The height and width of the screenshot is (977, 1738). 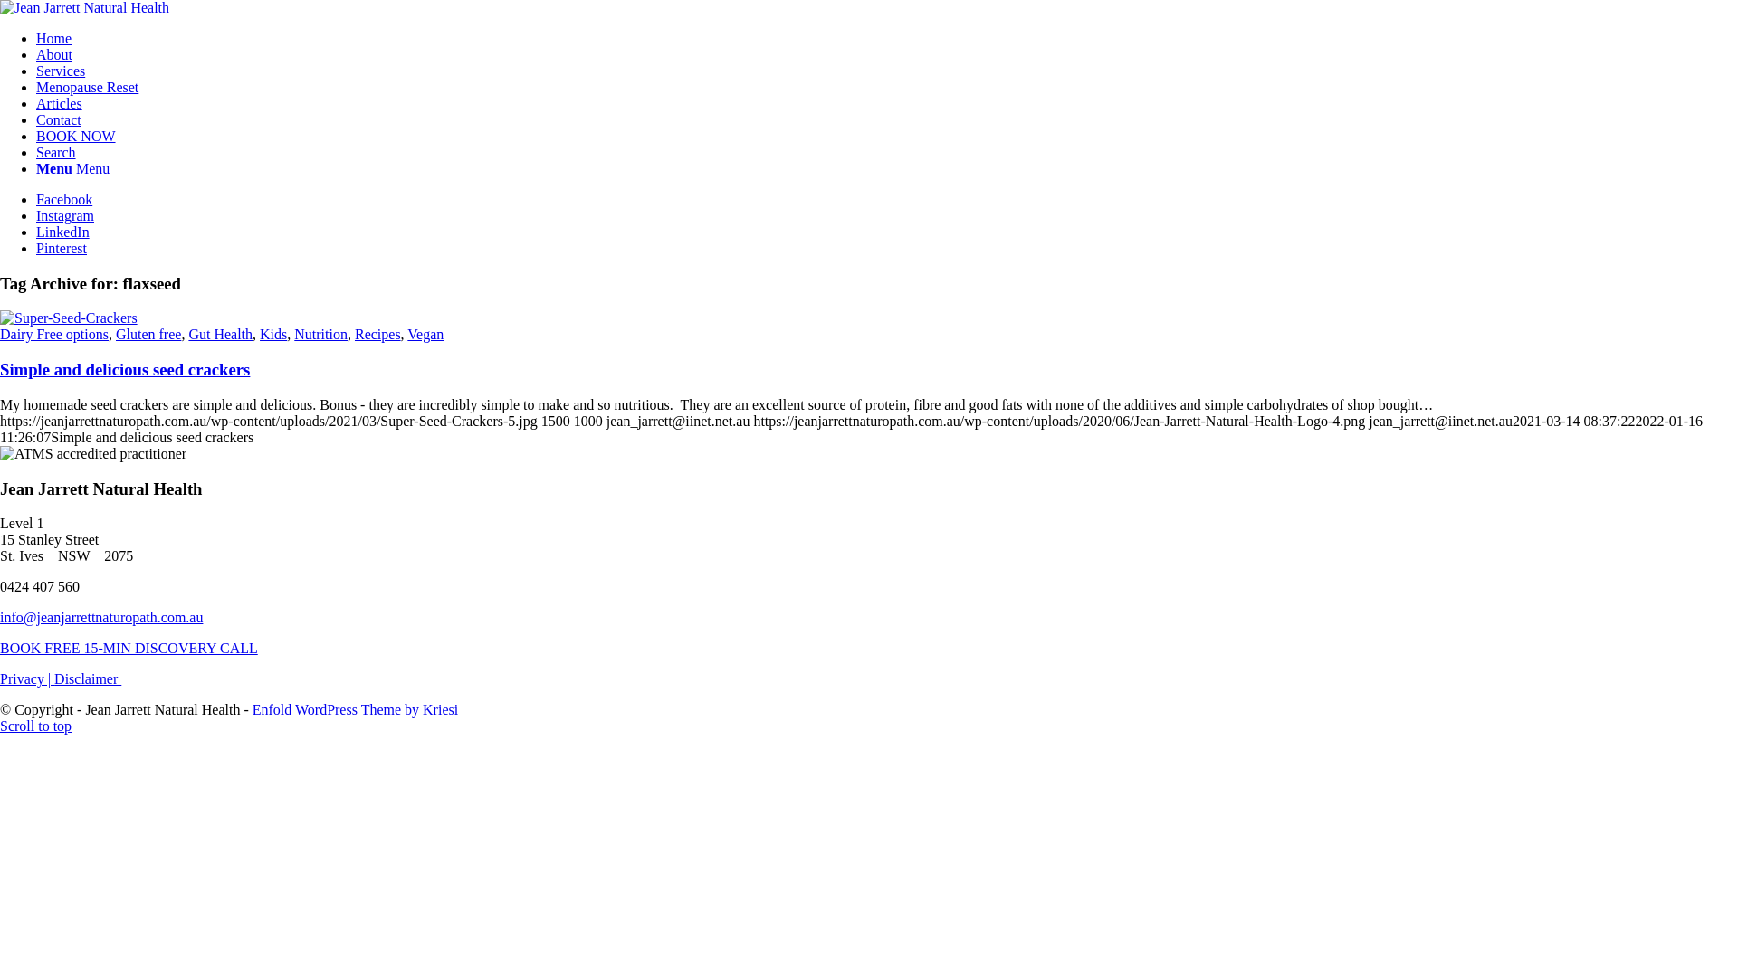 What do you see at coordinates (65, 214) in the screenshot?
I see `'Instagram'` at bounding box center [65, 214].